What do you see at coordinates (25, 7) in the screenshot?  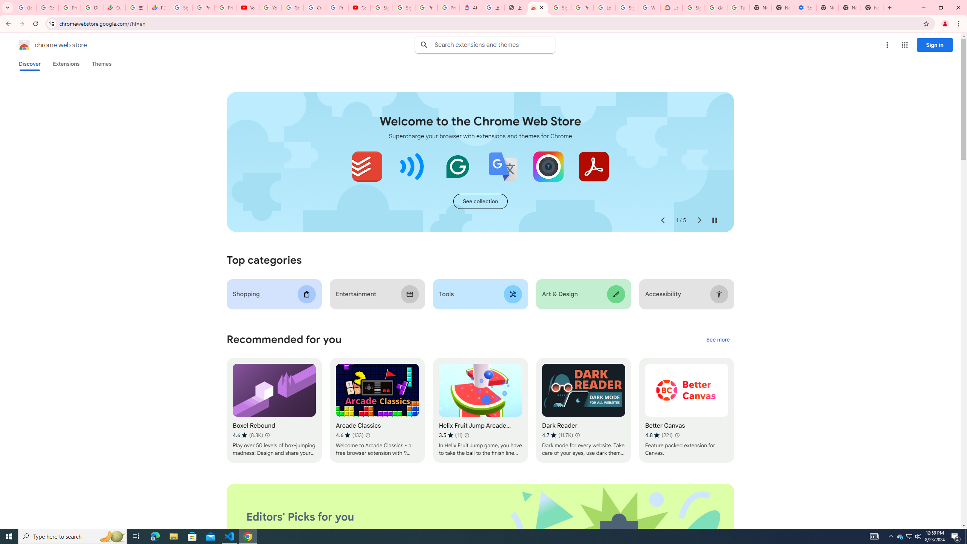 I see `'Google Workspace Admin Community'` at bounding box center [25, 7].